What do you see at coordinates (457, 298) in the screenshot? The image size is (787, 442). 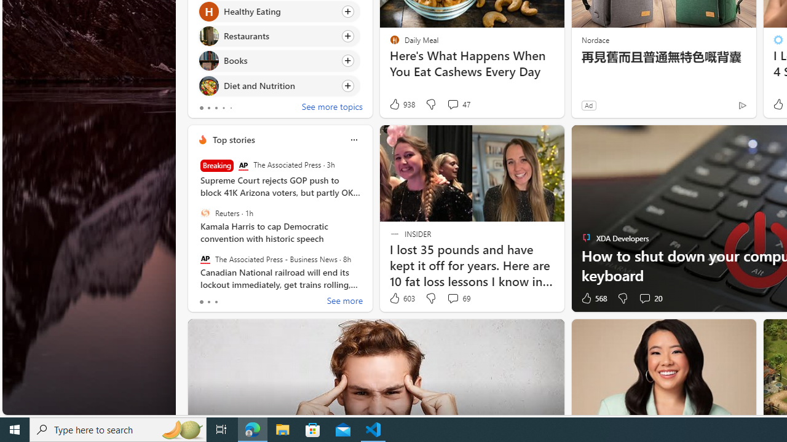 I see `'View comments 69 Comment'` at bounding box center [457, 298].